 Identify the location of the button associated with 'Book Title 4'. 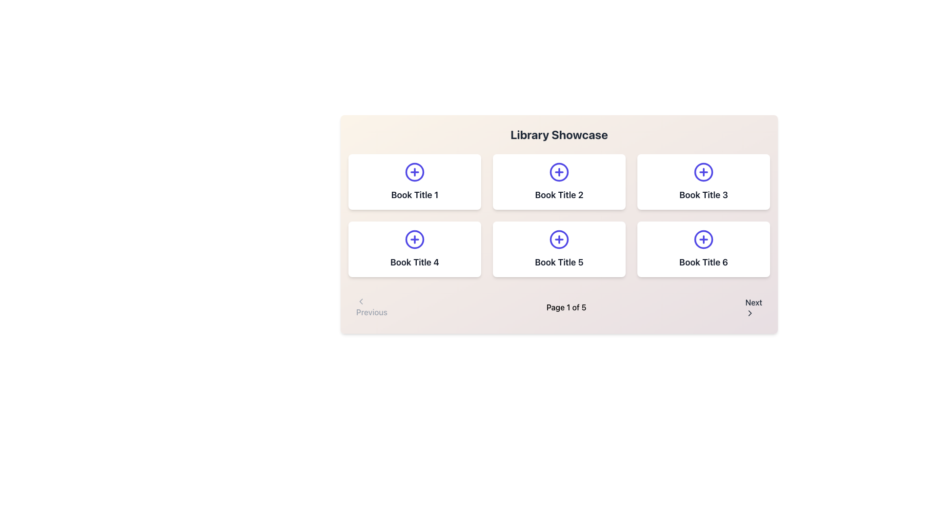
(414, 239).